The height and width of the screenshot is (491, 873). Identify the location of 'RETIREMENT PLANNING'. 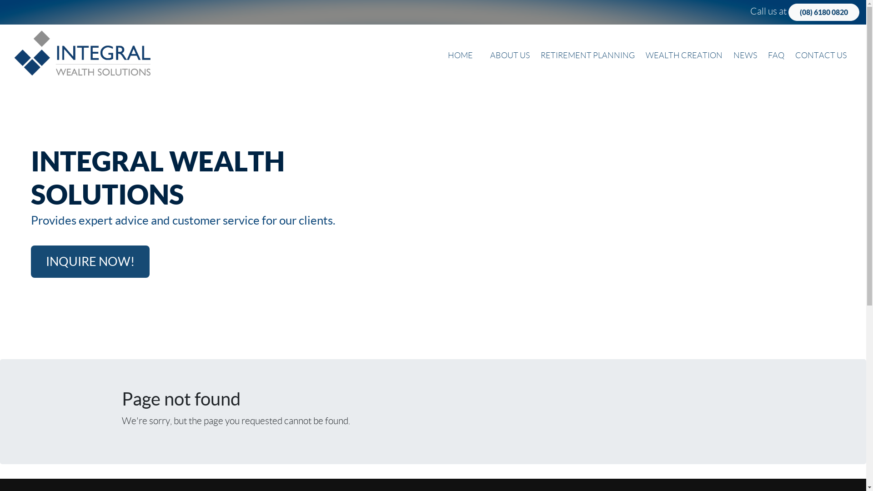
(587, 55).